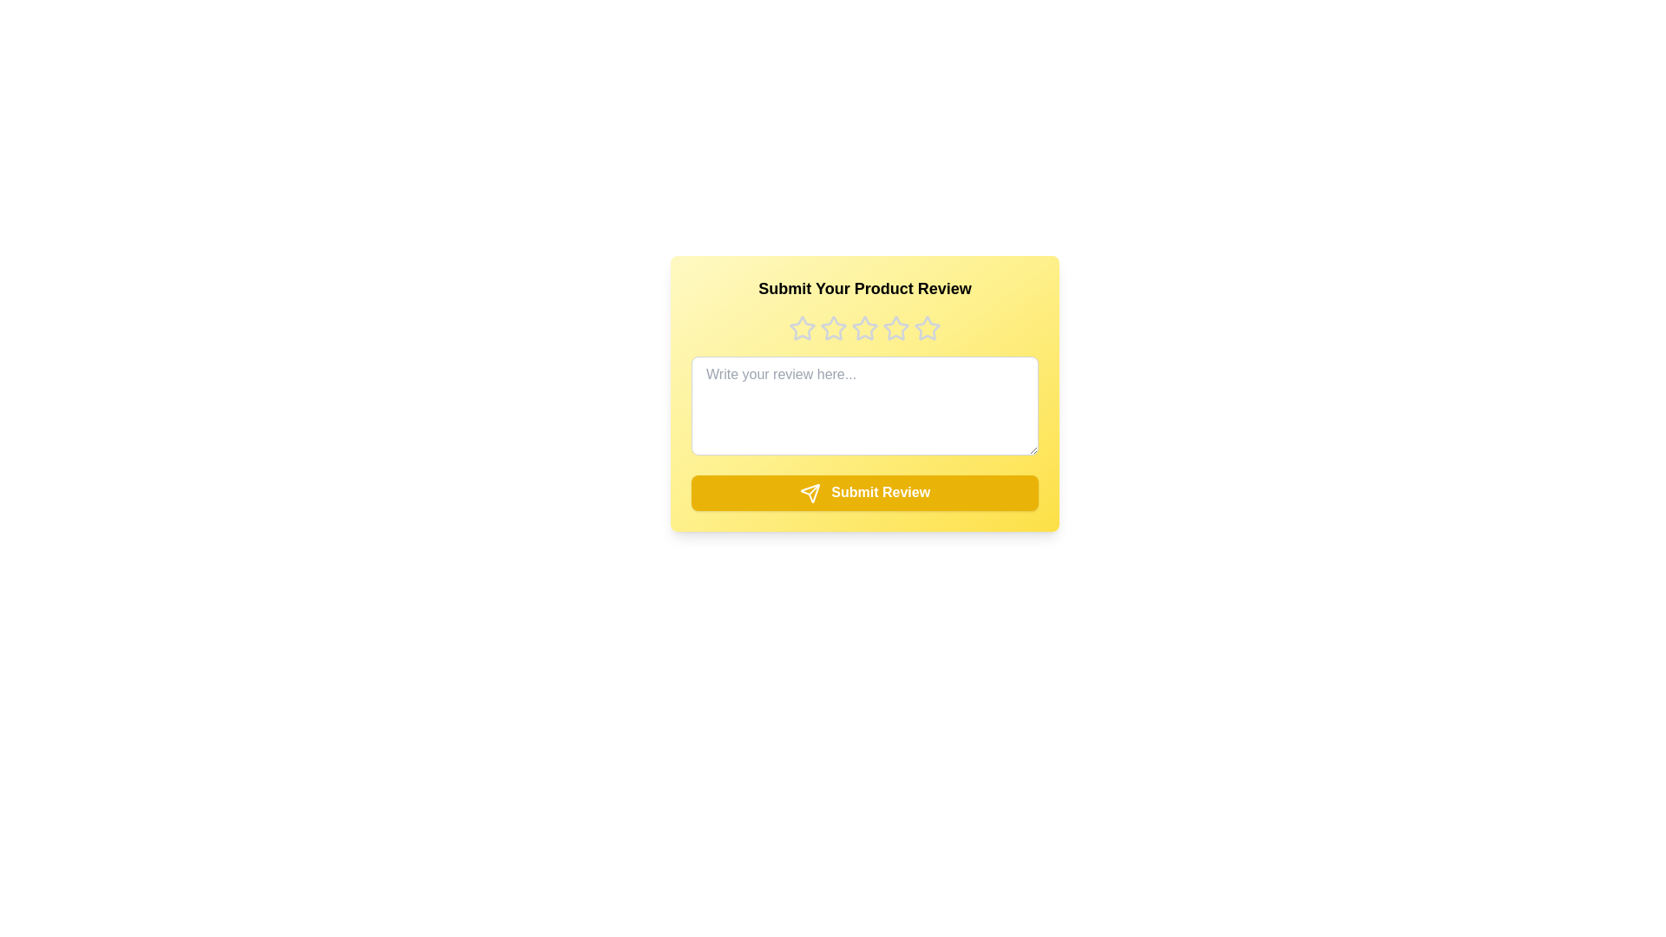 The image size is (1666, 937). Describe the element at coordinates (895, 328) in the screenshot. I see `the third star in the five-star rating system` at that location.